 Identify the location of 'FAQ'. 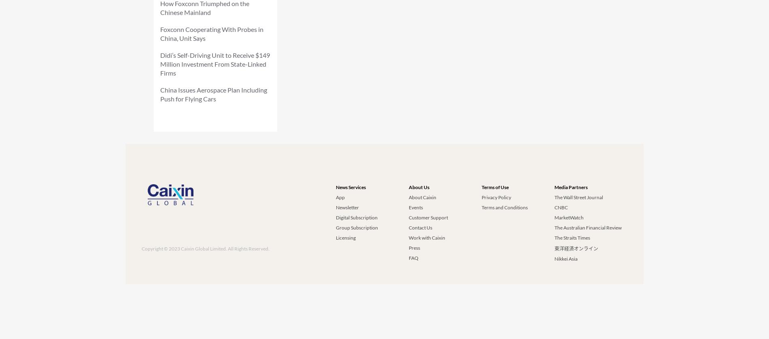
(414, 257).